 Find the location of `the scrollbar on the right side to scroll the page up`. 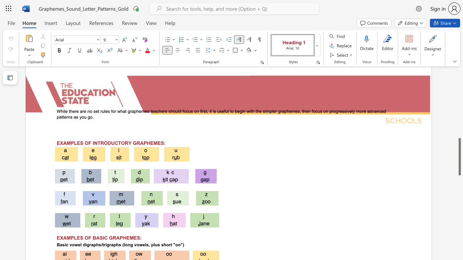

the scrollbar on the right side to scroll the page up is located at coordinates (459, 97).